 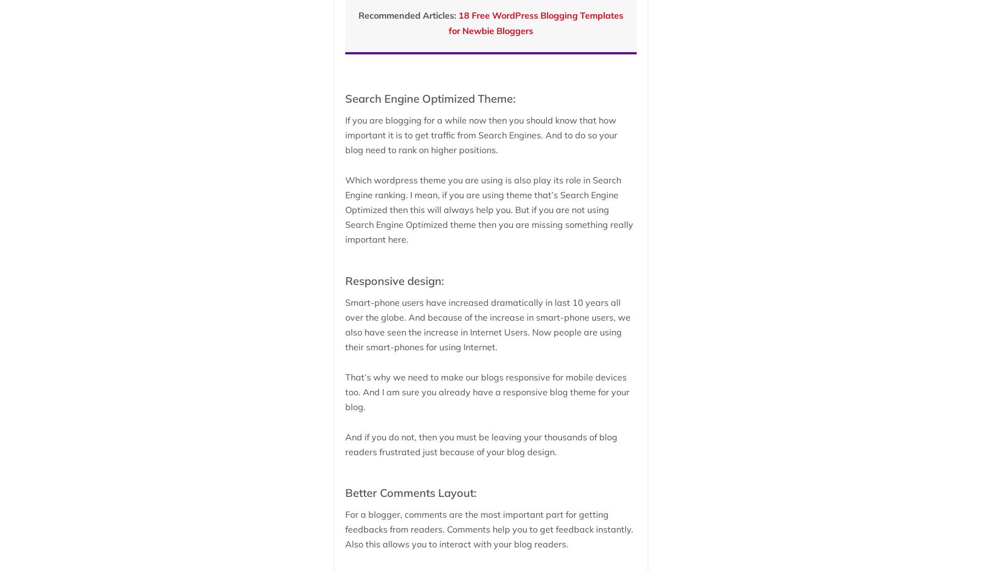 What do you see at coordinates (535, 22) in the screenshot?
I see `'18 Free WordPress Blogging Templates for Newbie Bloggers'` at bounding box center [535, 22].